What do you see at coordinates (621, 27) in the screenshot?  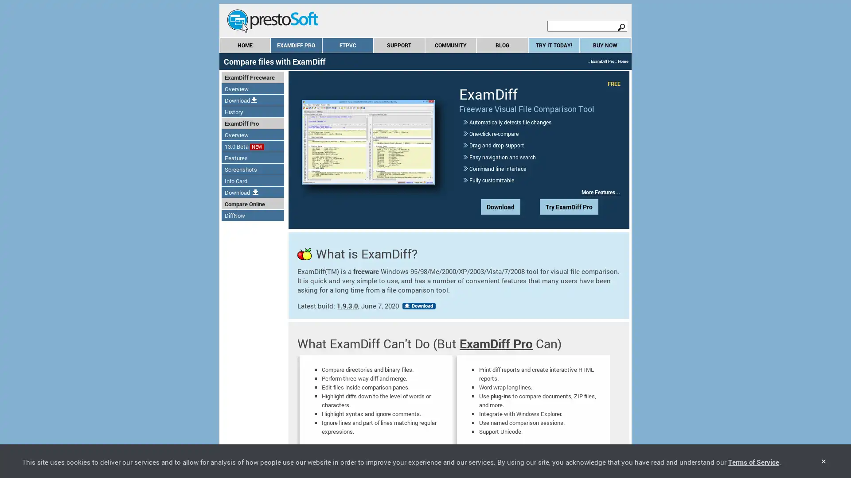 I see `search` at bounding box center [621, 27].